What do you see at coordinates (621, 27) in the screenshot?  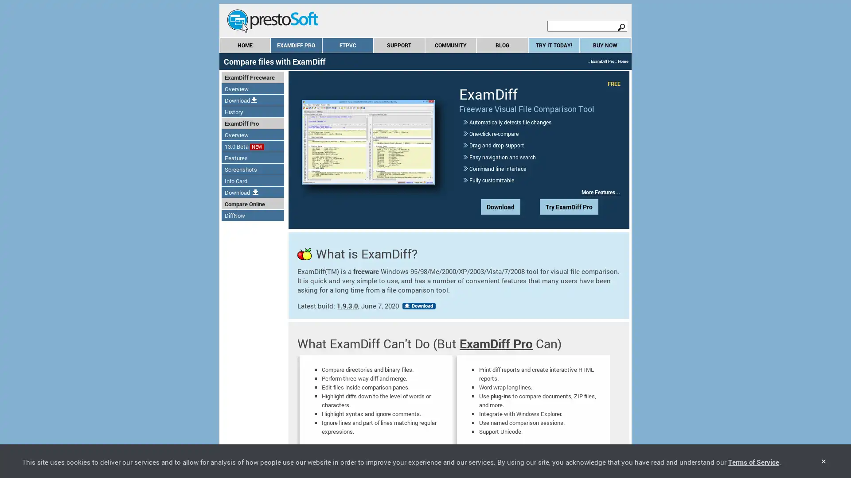 I see `search` at bounding box center [621, 27].